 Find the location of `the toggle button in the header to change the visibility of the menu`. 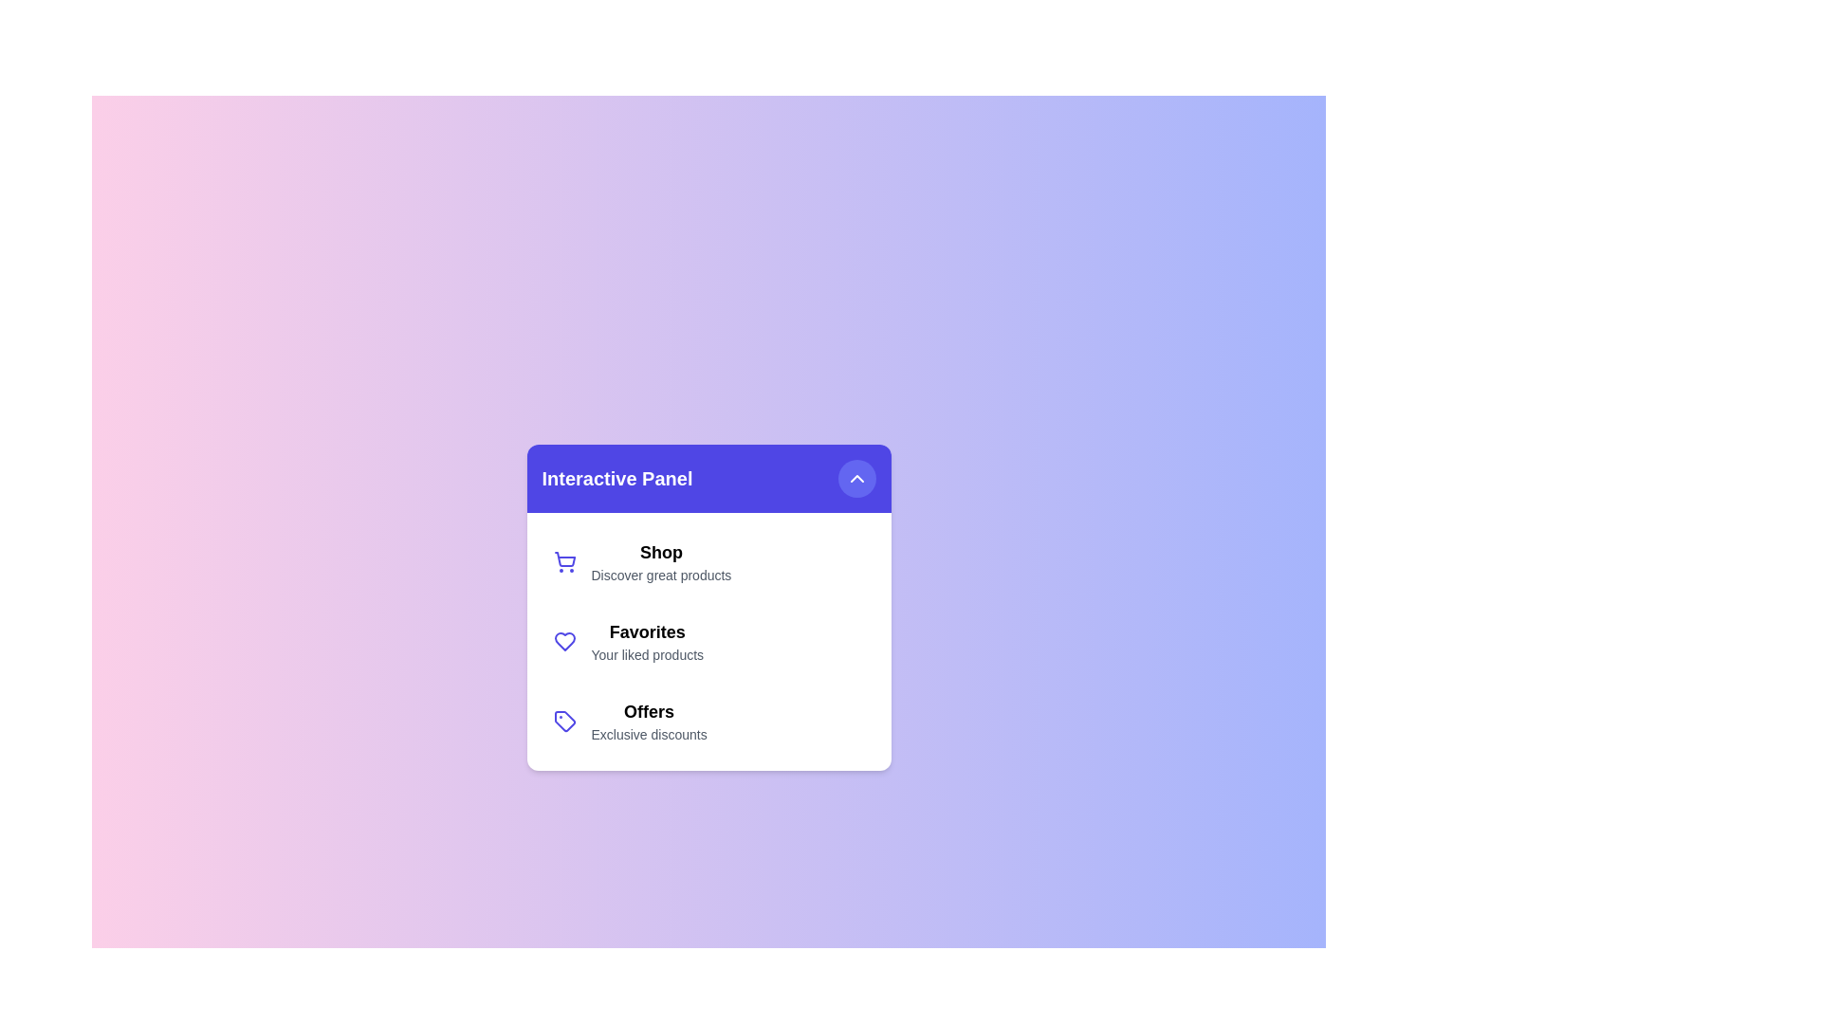

the toggle button in the header to change the visibility of the menu is located at coordinates (855, 478).